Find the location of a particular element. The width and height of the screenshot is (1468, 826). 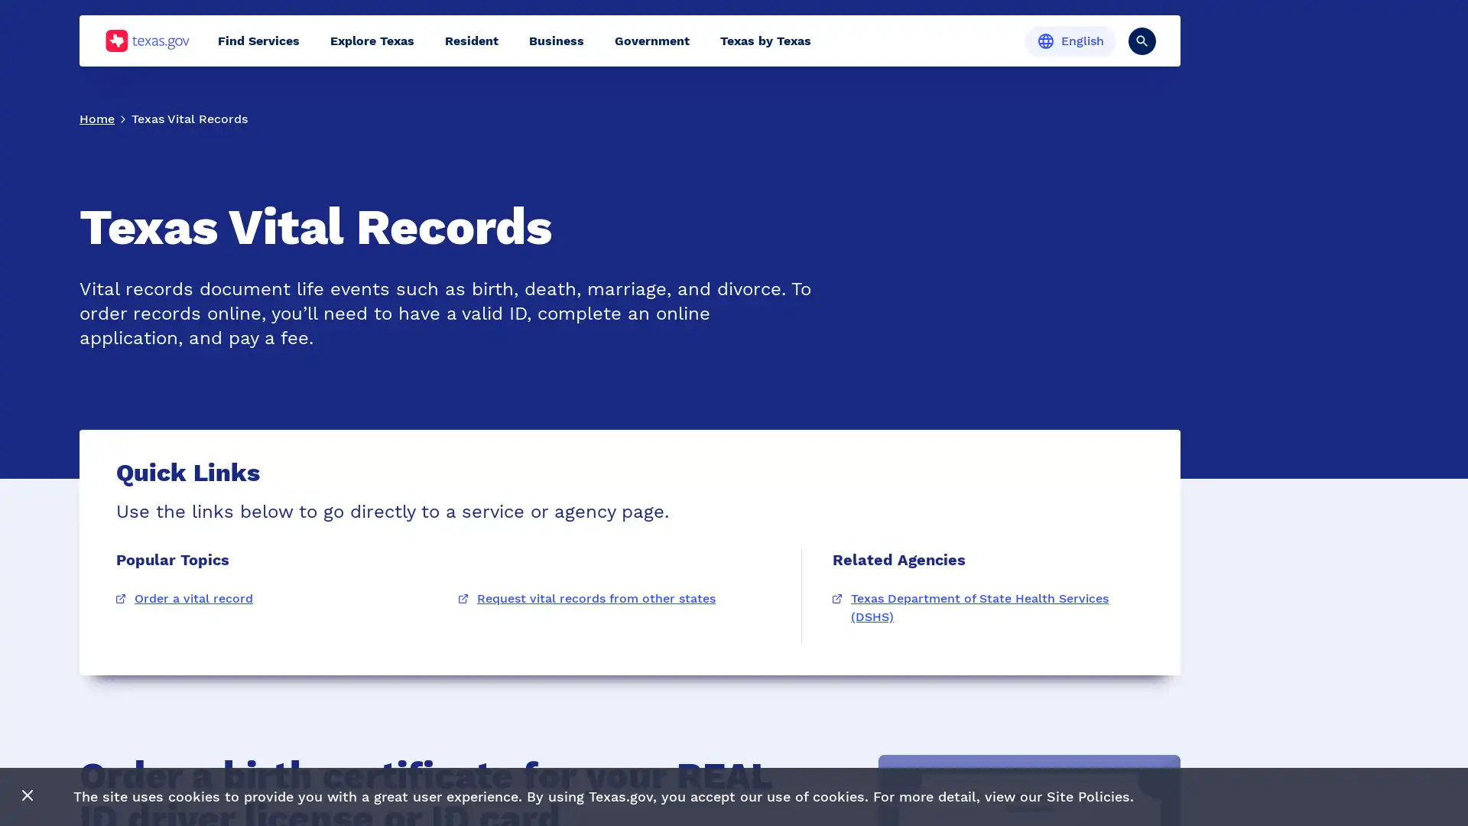

Close is located at coordinates (28, 795).